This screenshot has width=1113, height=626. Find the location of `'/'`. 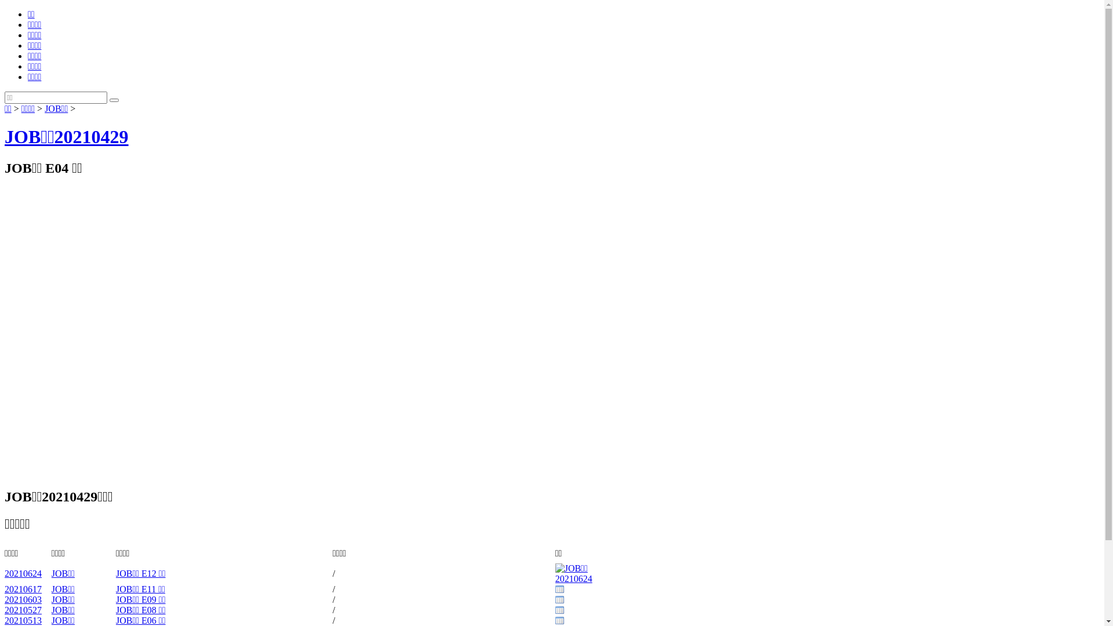

'/' is located at coordinates (333, 620).